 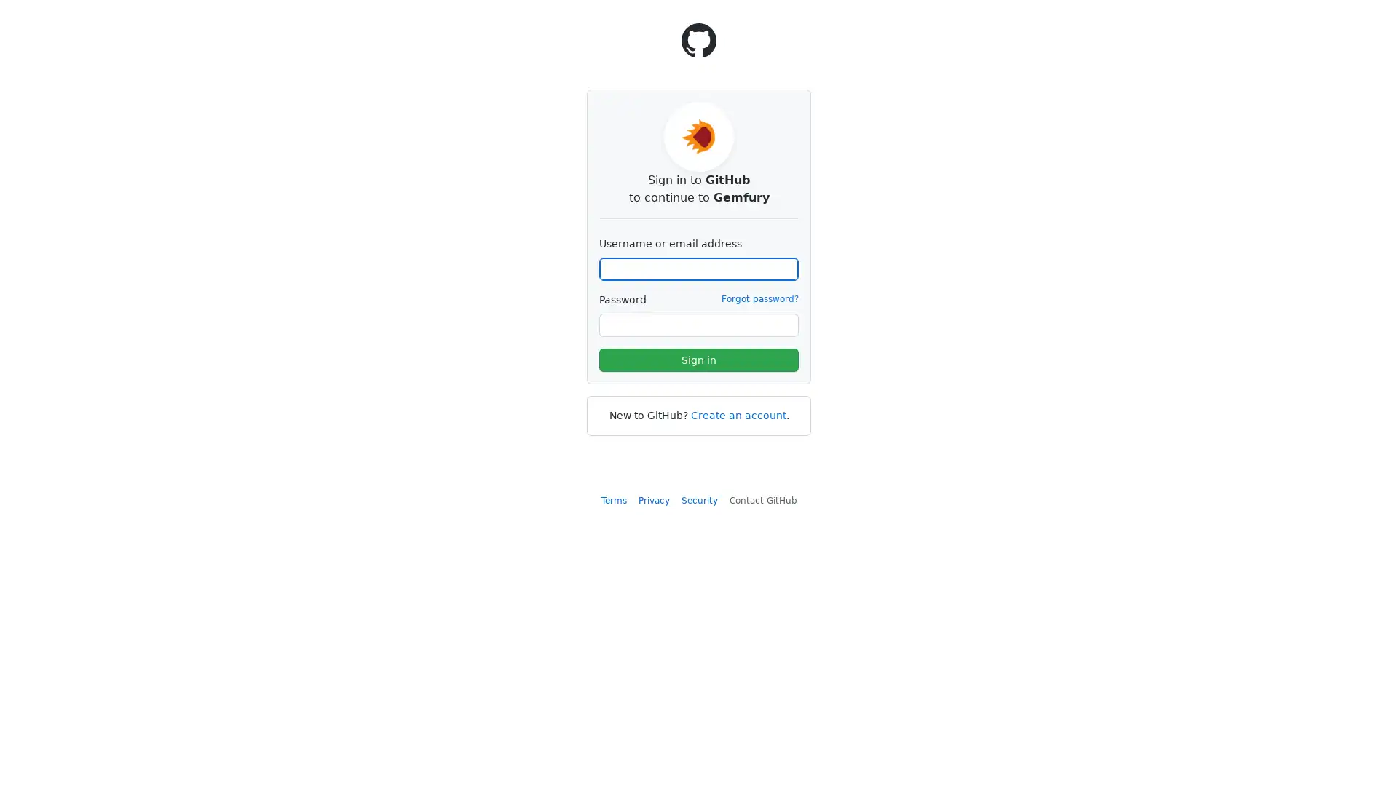 I want to click on Sign in, so click(x=699, y=360).